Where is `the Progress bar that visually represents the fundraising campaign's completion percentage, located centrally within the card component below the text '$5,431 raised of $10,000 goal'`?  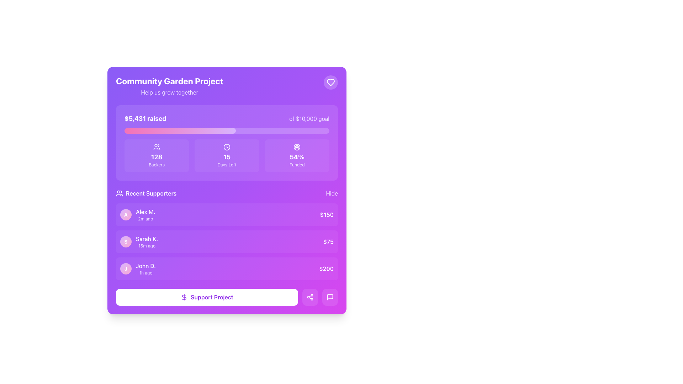 the Progress bar that visually represents the fundraising campaign's completion percentage, located centrally within the card component below the text '$5,431 raised of $10,000 goal' is located at coordinates (227, 130).